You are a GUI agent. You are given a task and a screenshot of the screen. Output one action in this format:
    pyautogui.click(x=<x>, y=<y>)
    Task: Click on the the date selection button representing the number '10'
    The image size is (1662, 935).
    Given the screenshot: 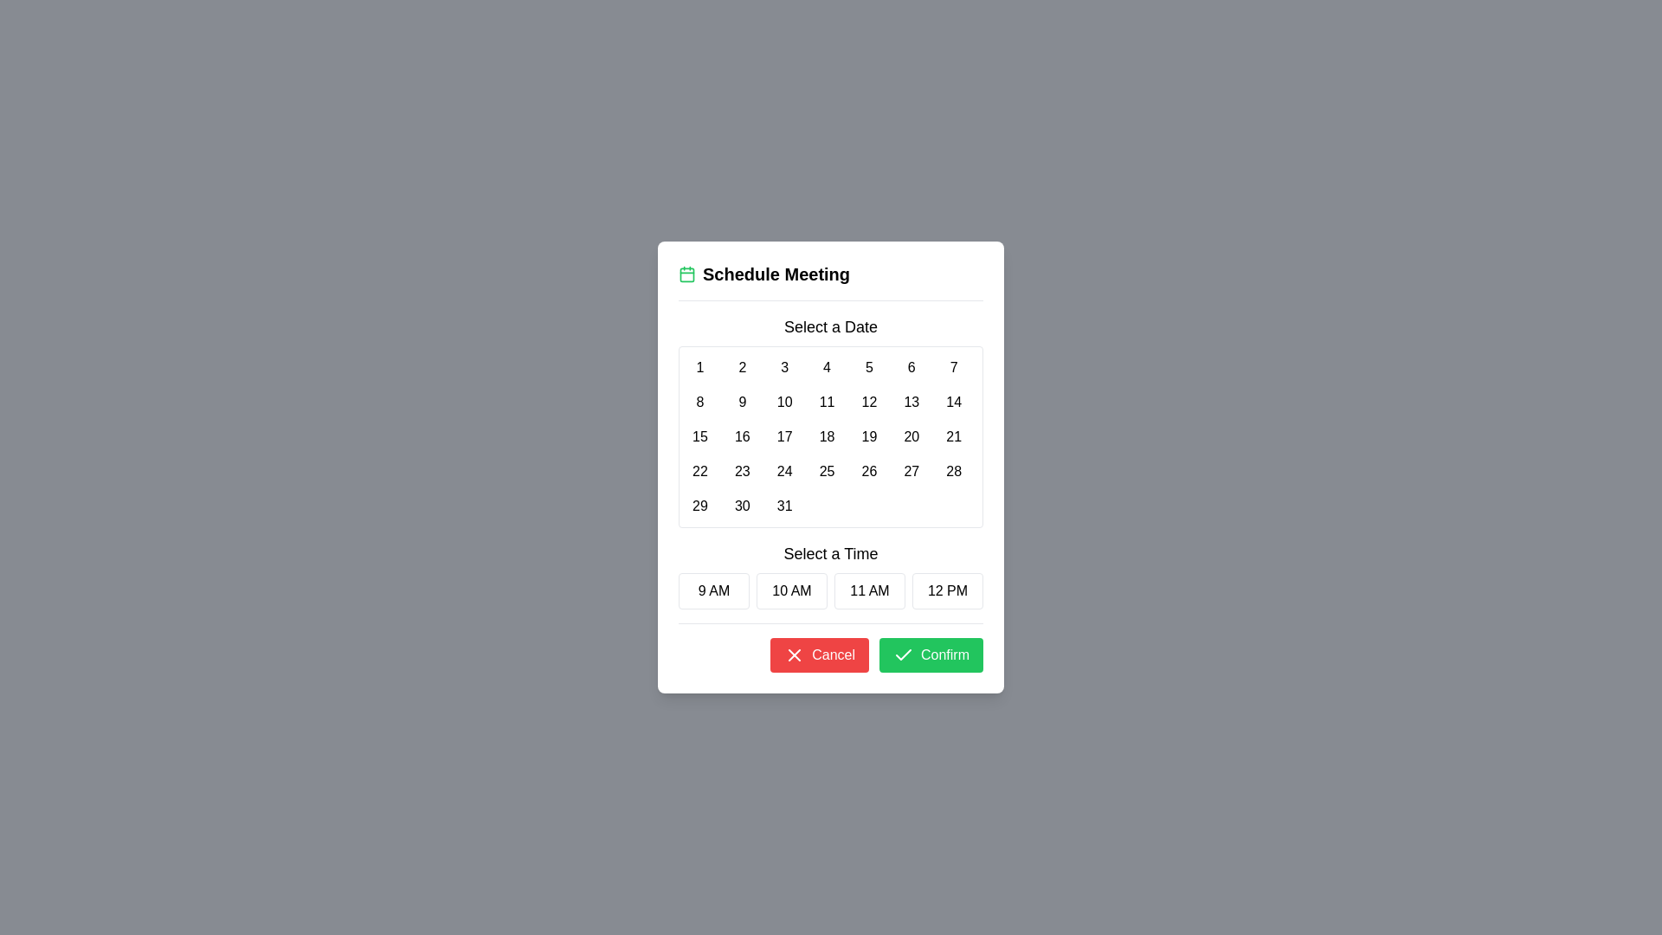 What is the action you would take?
    pyautogui.click(x=783, y=403)
    